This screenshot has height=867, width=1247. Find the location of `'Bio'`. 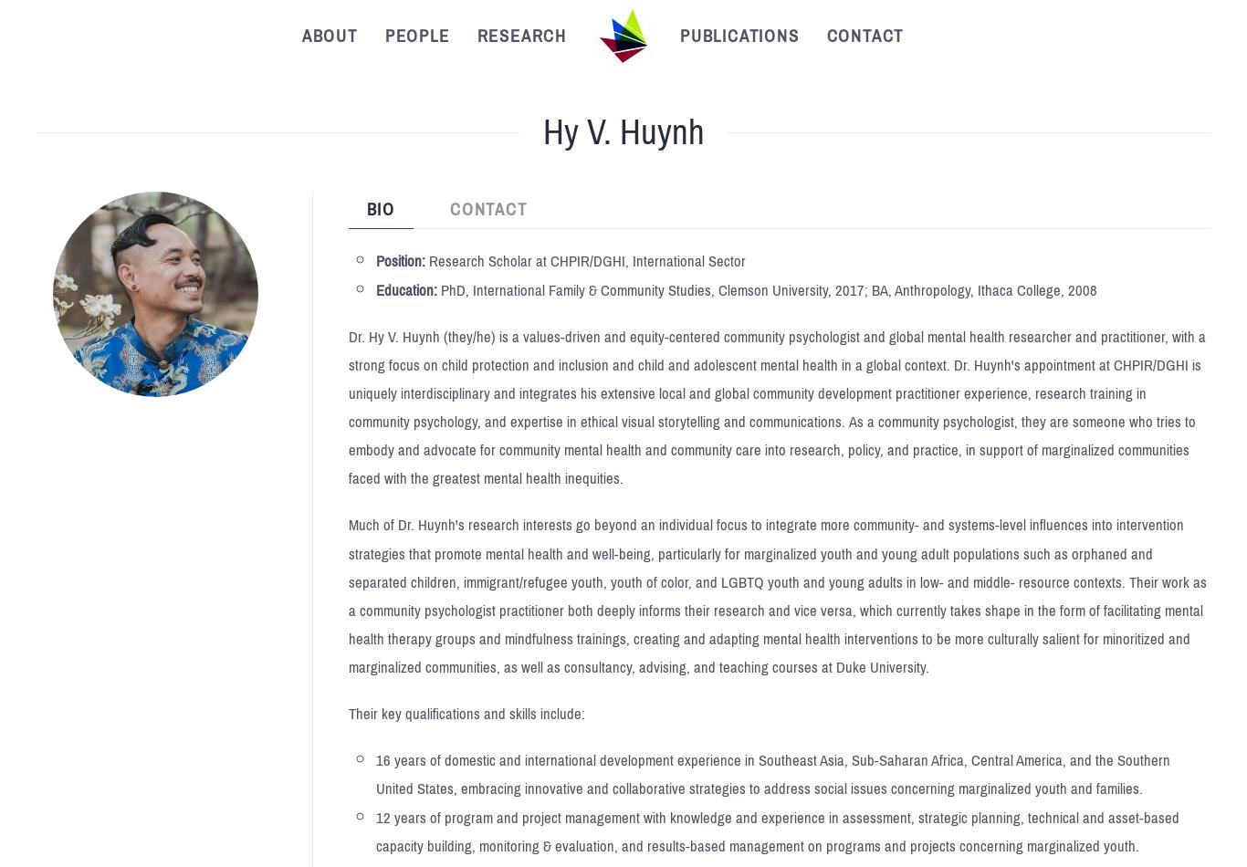

'Bio' is located at coordinates (379, 209).